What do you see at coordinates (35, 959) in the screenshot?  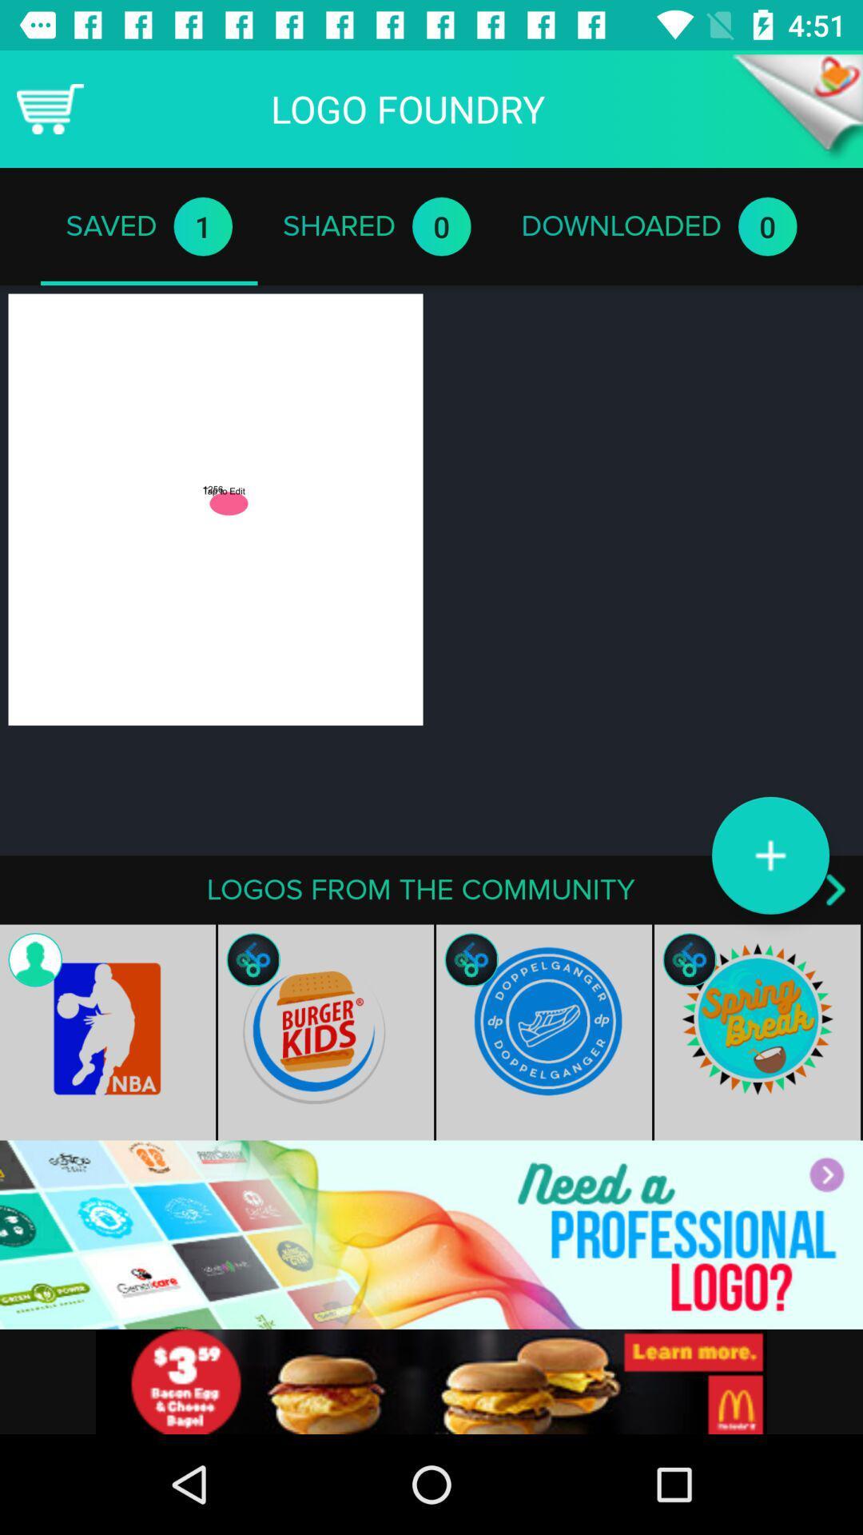 I see `the contact icon` at bounding box center [35, 959].